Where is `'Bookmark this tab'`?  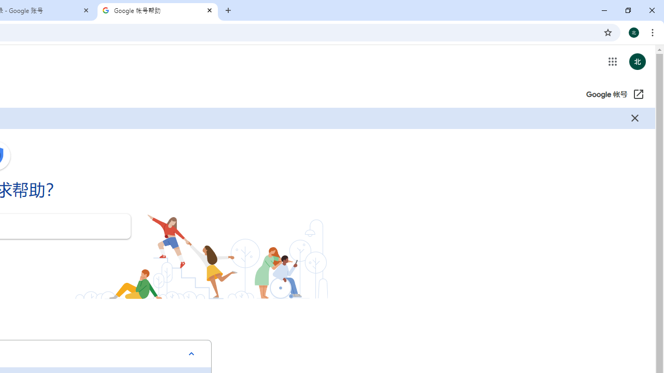
'Bookmark this tab' is located at coordinates (607, 32).